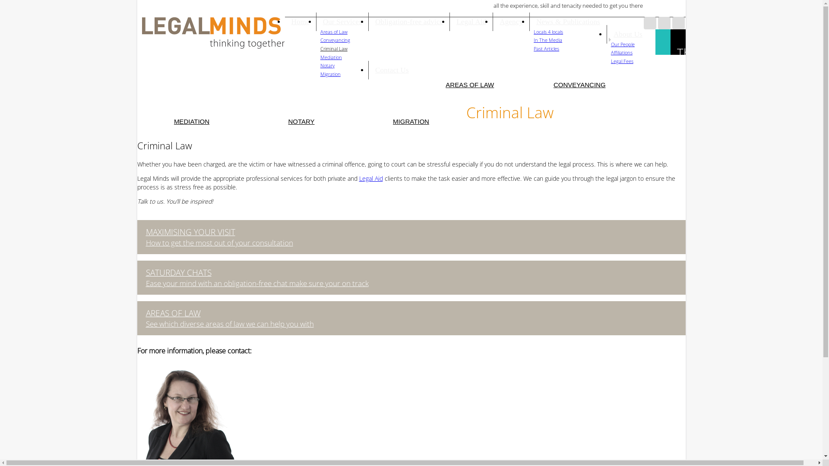 The width and height of the screenshot is (829, 466). What do you see at coordinates (301, 21) in the screenshot?
I see `'Home'` at bounding box center [301, 21].